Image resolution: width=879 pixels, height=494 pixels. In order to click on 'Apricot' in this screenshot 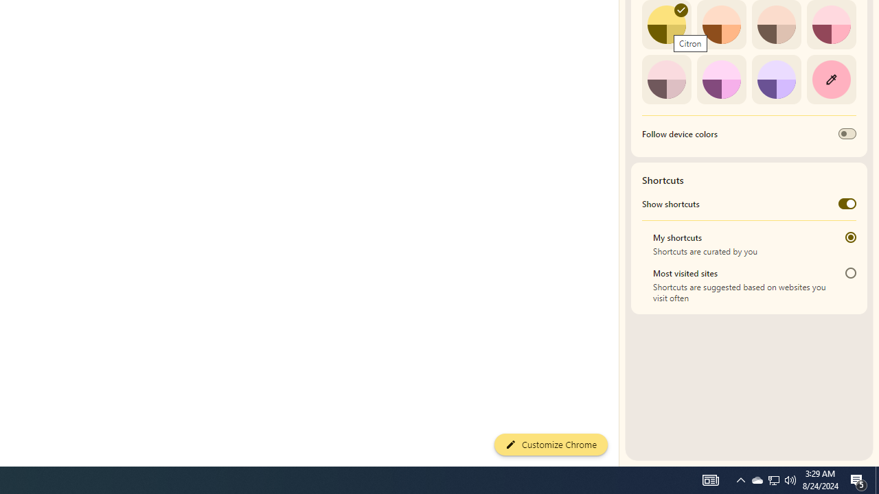, I will do `click(776, 25)`.